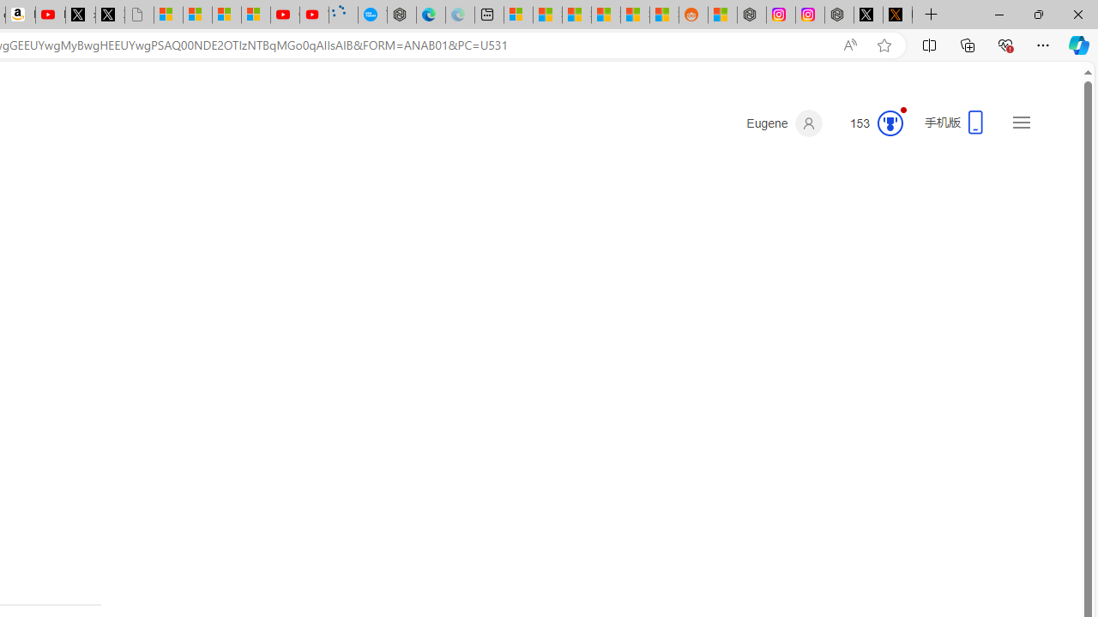  What do you see at coordinates (897, 15) in the screenshot?
I see `'help.x.com | 524: A timeout occurred'` at bounding box center [897, 15].